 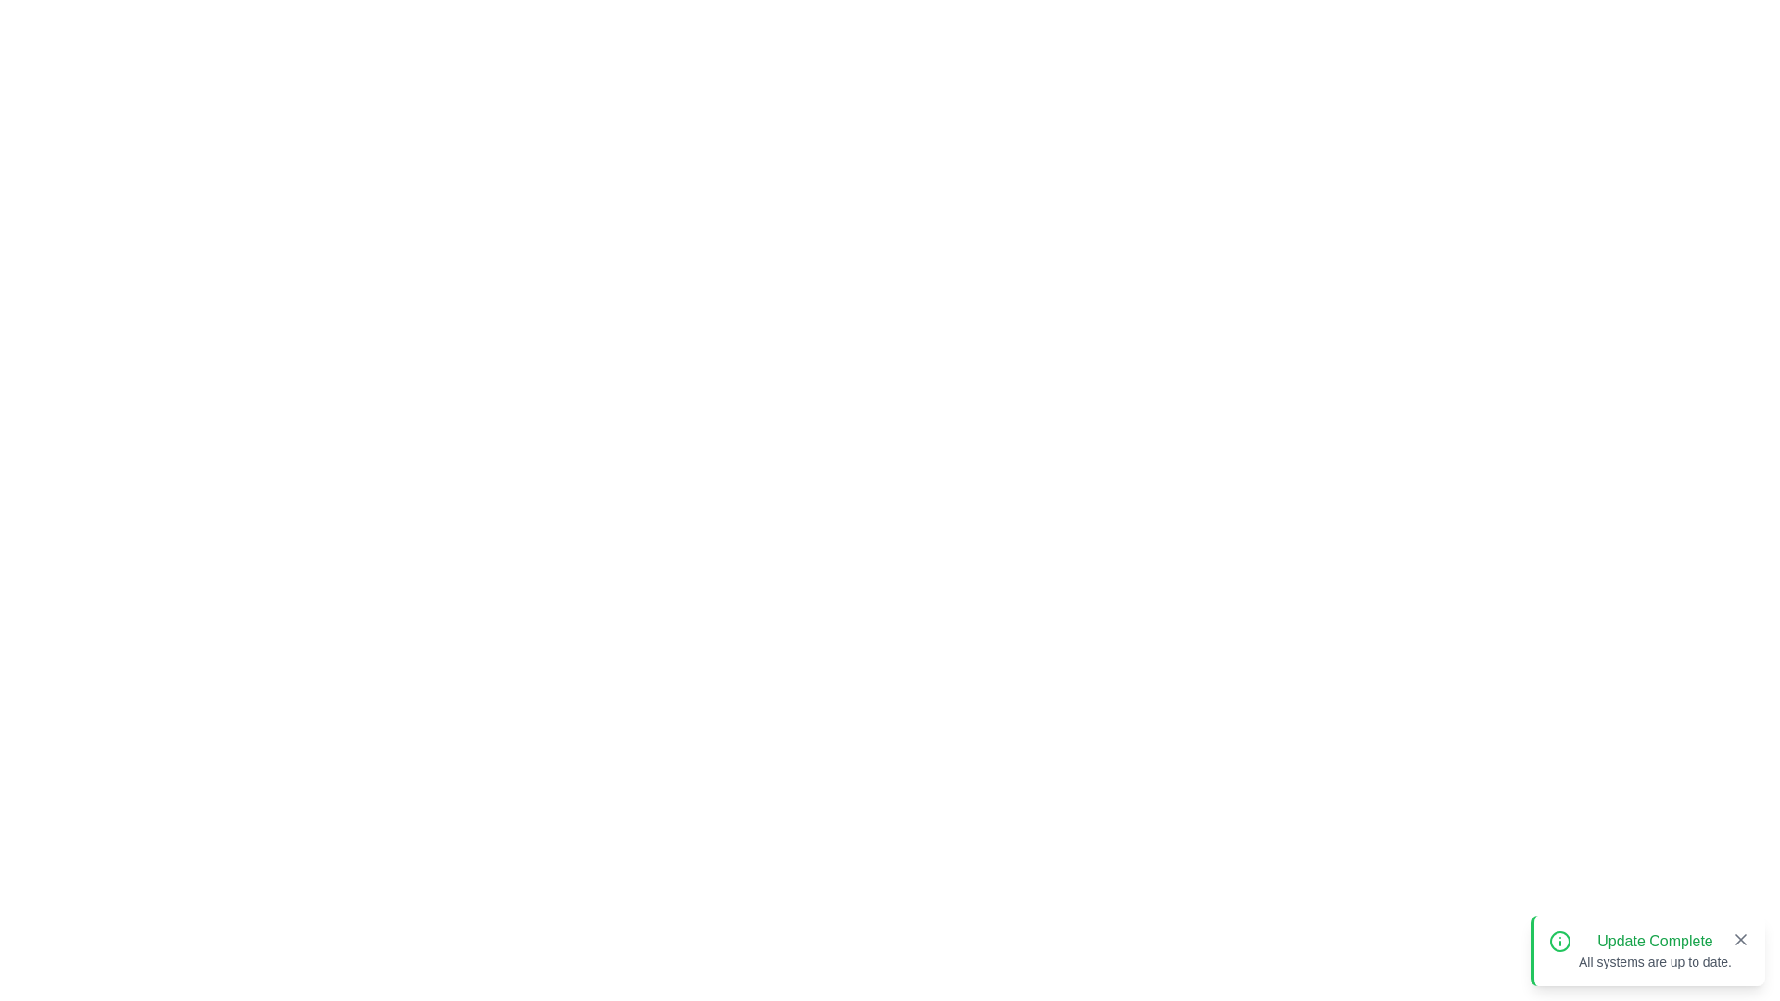 What do you see at coordinates (1739, 940) in the screenshot?
I see `the close button of the notification to dismiss it` at bounding box center [1739, 940].